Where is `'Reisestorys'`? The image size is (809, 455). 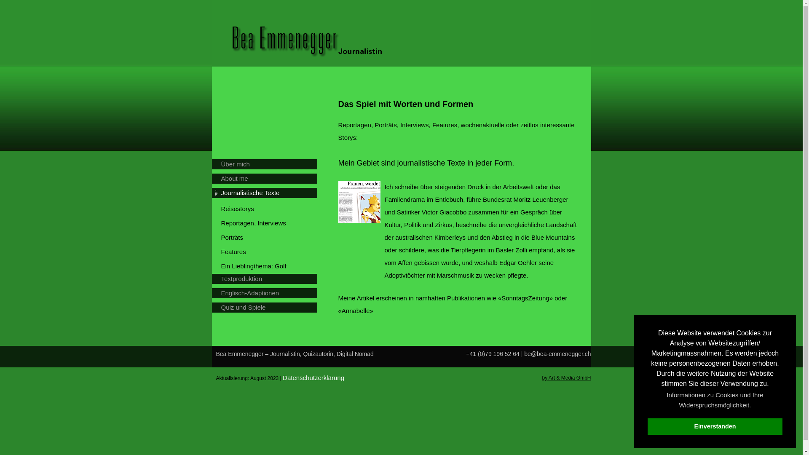
'Reisestorys' is located at coordinates (220, 209).